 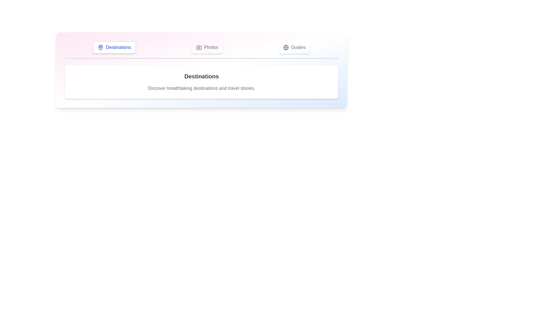 I want to click on the Guides tab to view its content, so click(x=294, y=47).